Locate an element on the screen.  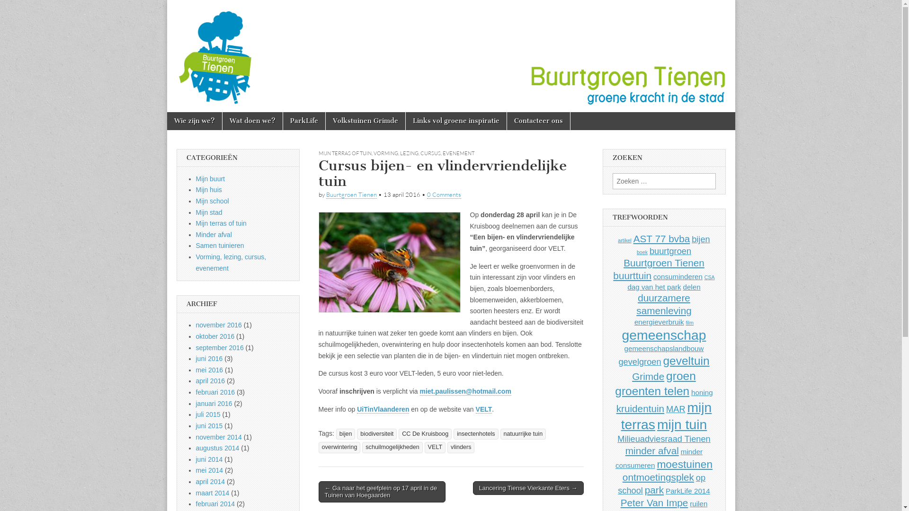
'mei 2016' is located at coordinates (209, 370).